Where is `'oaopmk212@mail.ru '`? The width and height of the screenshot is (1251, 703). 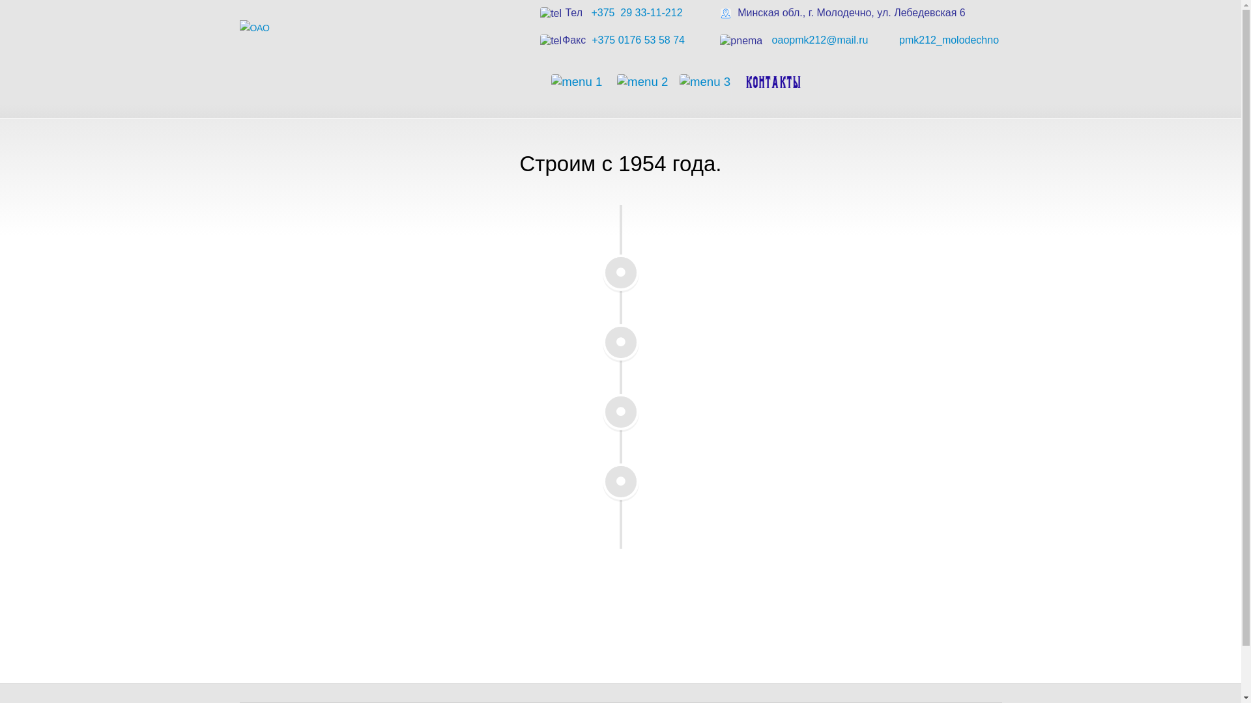
'oaopmk212@mail.ru ' is located at coordinates (822, 39).